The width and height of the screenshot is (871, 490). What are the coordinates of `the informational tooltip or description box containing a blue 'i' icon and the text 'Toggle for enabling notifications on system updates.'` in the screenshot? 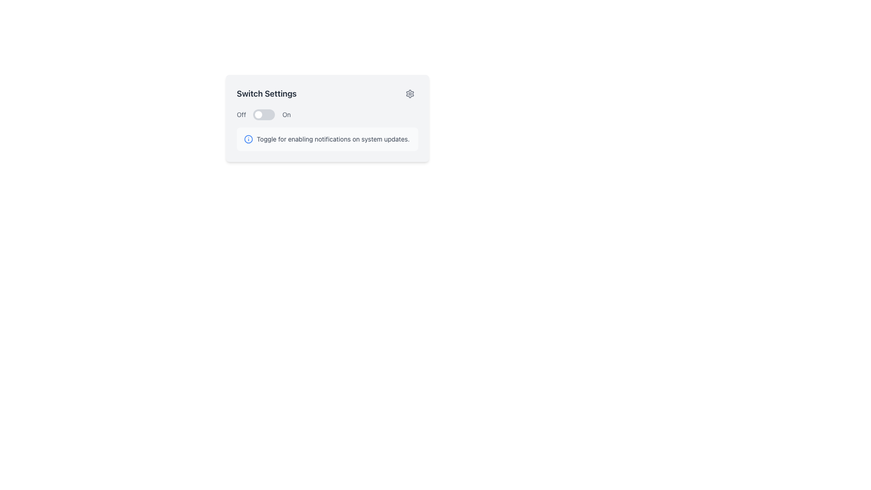 It's located at (327, 139).